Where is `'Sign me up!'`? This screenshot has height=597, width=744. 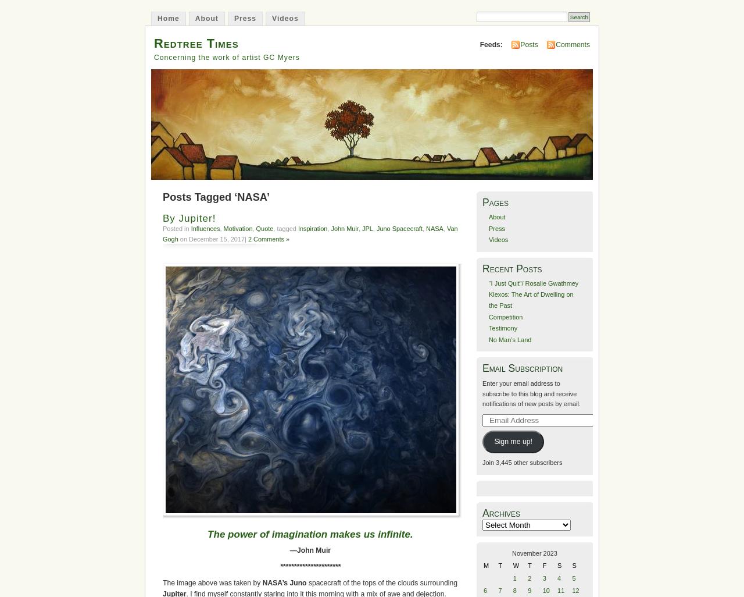 'Sign me up!' is located at coordinates (512, 442).